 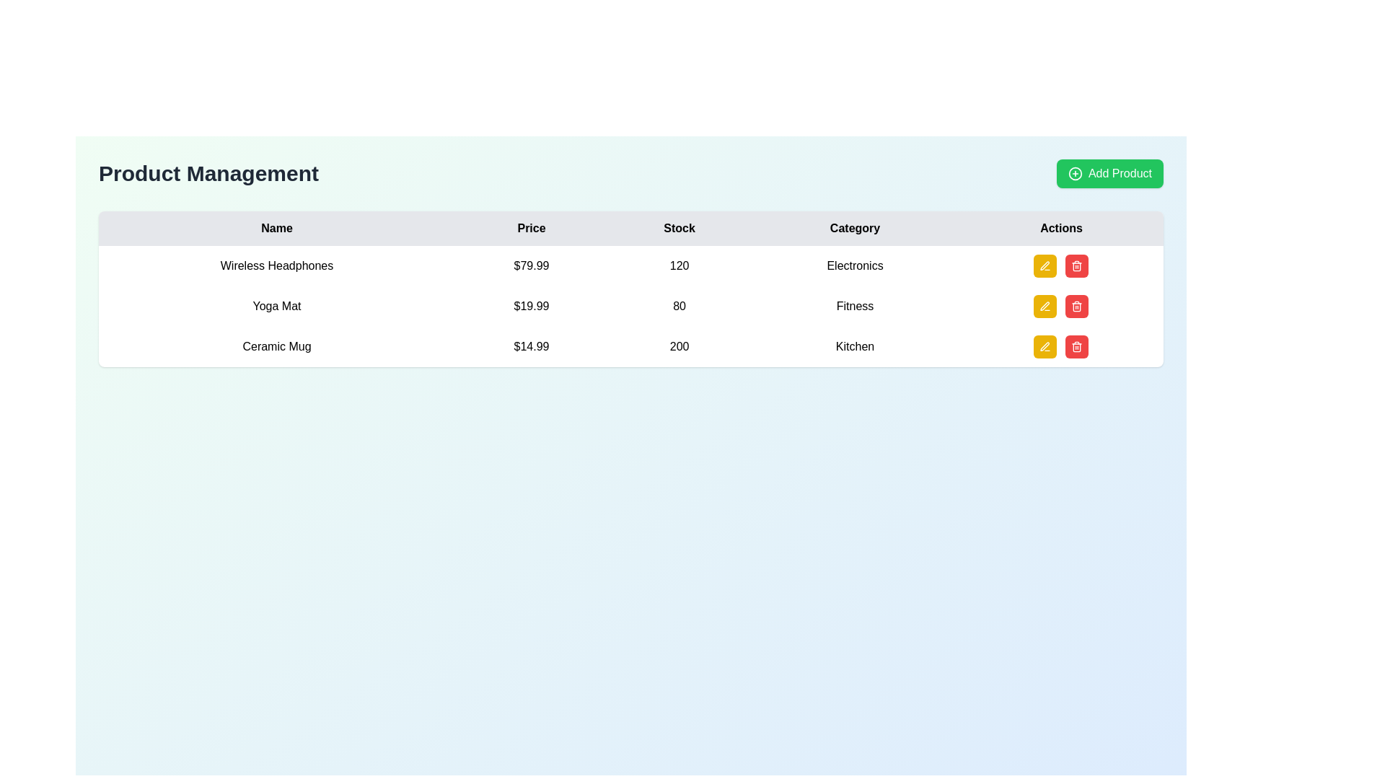 I want to click on the 'Edit' button located in the 'Actions' column of the last row for the item 'Ceramic Mug', so click(x=1045, y=347).